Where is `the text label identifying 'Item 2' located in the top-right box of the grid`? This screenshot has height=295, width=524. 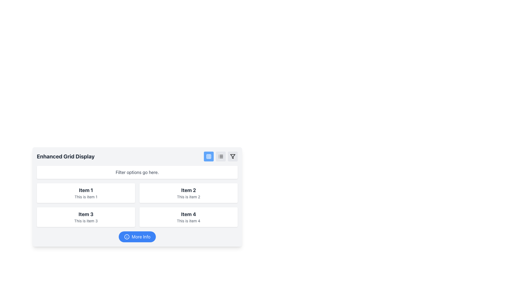 the text label identifying 'Item 2' located in the top-right box of the grid is located at coordinates (189, 190).